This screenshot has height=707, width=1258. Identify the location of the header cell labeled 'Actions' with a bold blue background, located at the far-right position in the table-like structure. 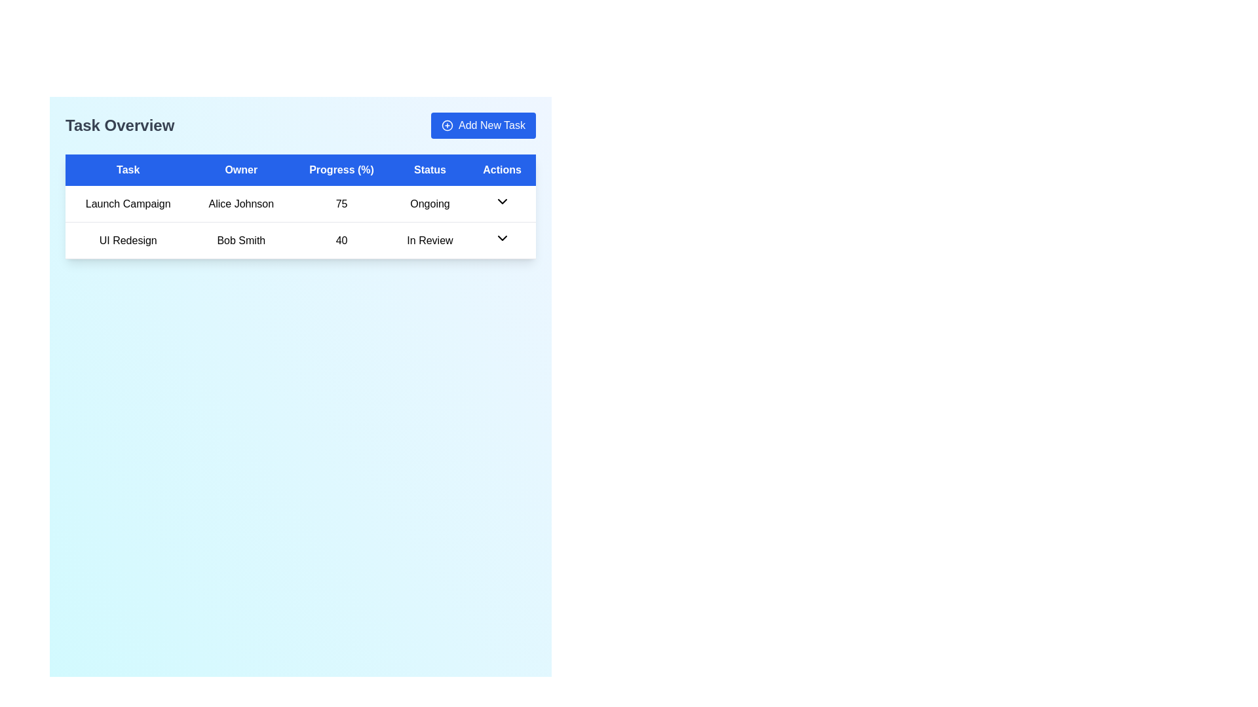
(501, 169).